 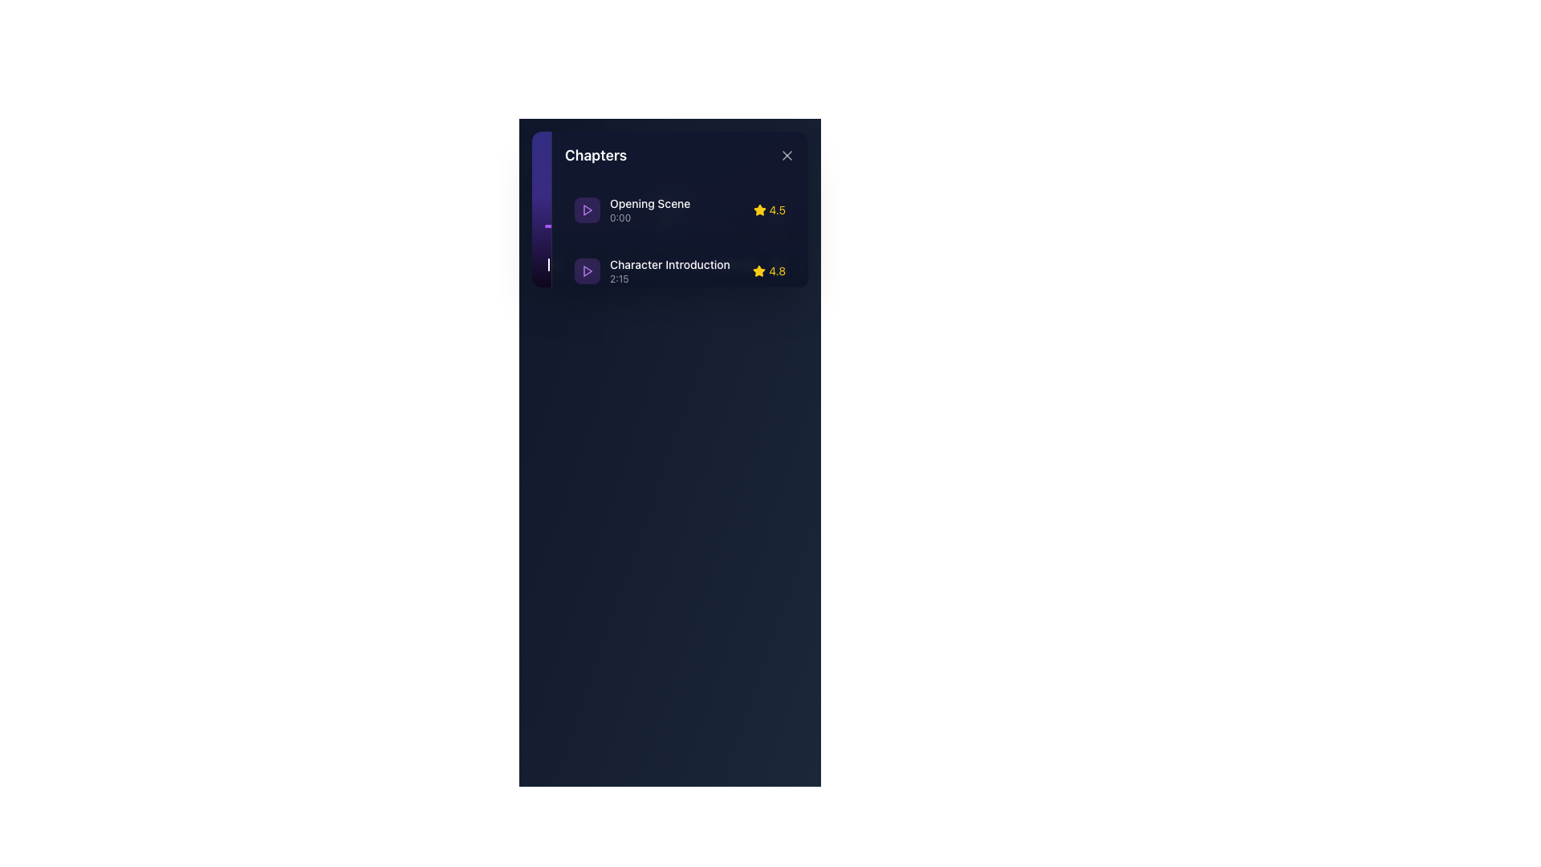 What do you see at coordinates (758, 210) in the screenshot?
I see `the star rating icon located to the right of the 'Opening Scene' title in the 'Chapters' section, which represents a positive rating of 4.5` at bounding box center [758, 210].